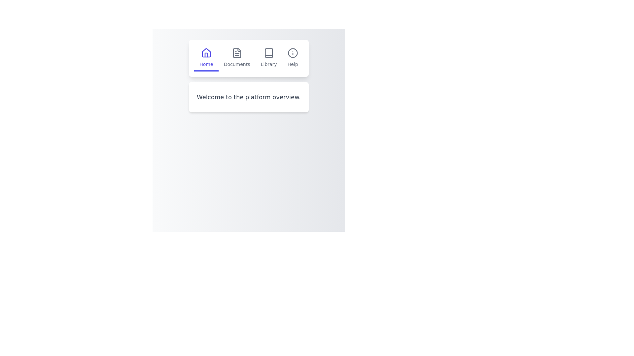 The width and height of the screenshot is (634, 356). What do you see at coordinates (292, 58) in the screenshot?
I see `the Help tab in the navigation bar` at bounding box center [292, 58].